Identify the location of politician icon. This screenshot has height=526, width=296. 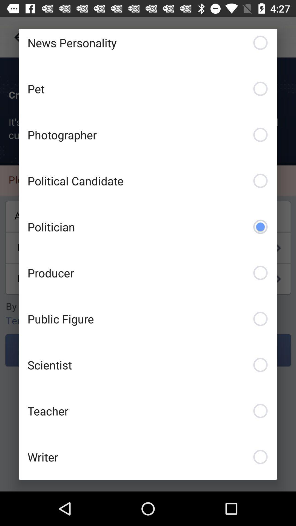
(148, 227).